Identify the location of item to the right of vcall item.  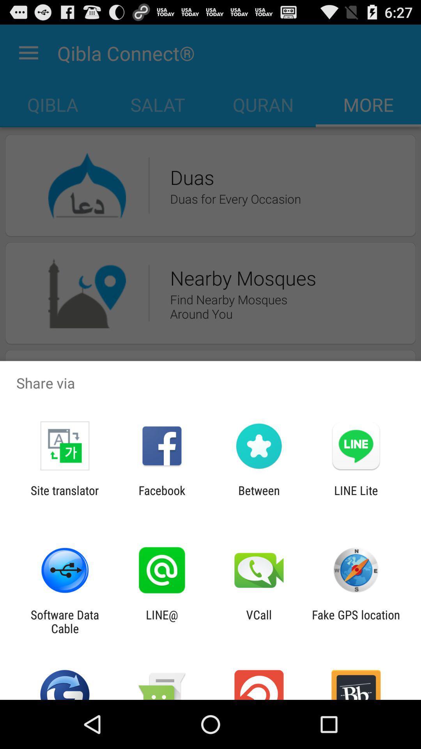
(356, 621).